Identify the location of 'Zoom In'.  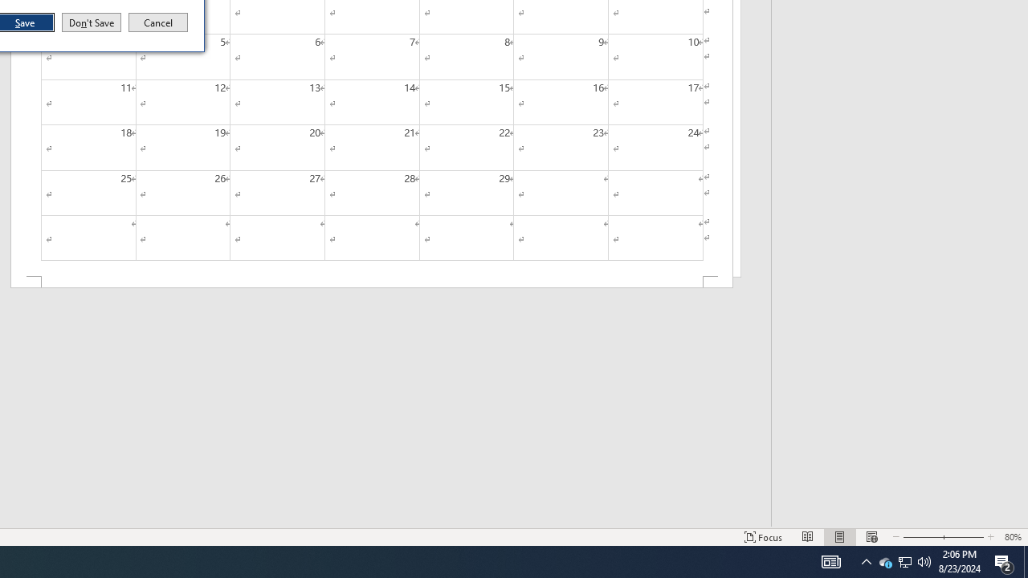
(1004, 560).